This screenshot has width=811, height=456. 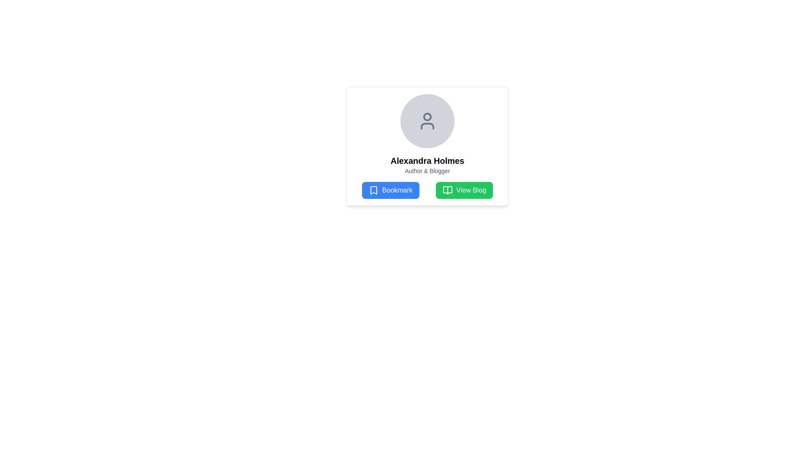 I want to click on the 'View Blog' button, which has a green background, white text, and an open book icon, so click(x=464, y=190).